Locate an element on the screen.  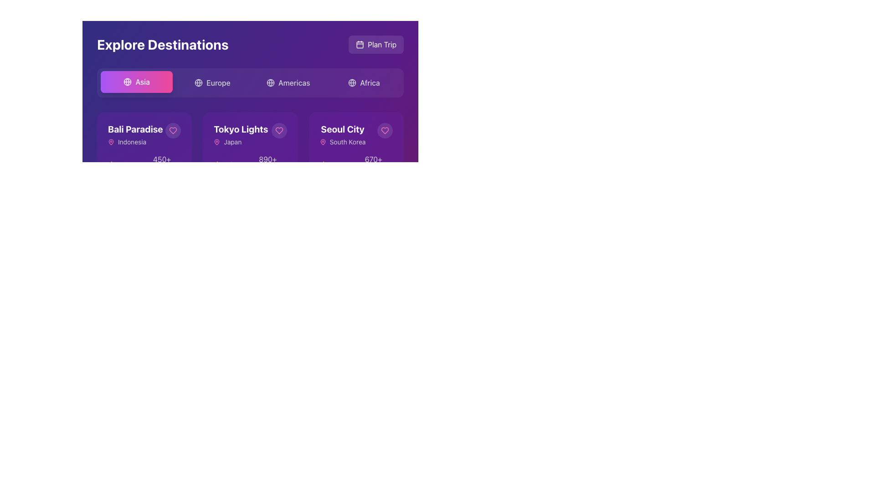
the informational label displaying the rating and popularity metrics for the 'Tokyo Lights' destination, located below the title and above the weather and pricing information is located at coordinates (250, 165).